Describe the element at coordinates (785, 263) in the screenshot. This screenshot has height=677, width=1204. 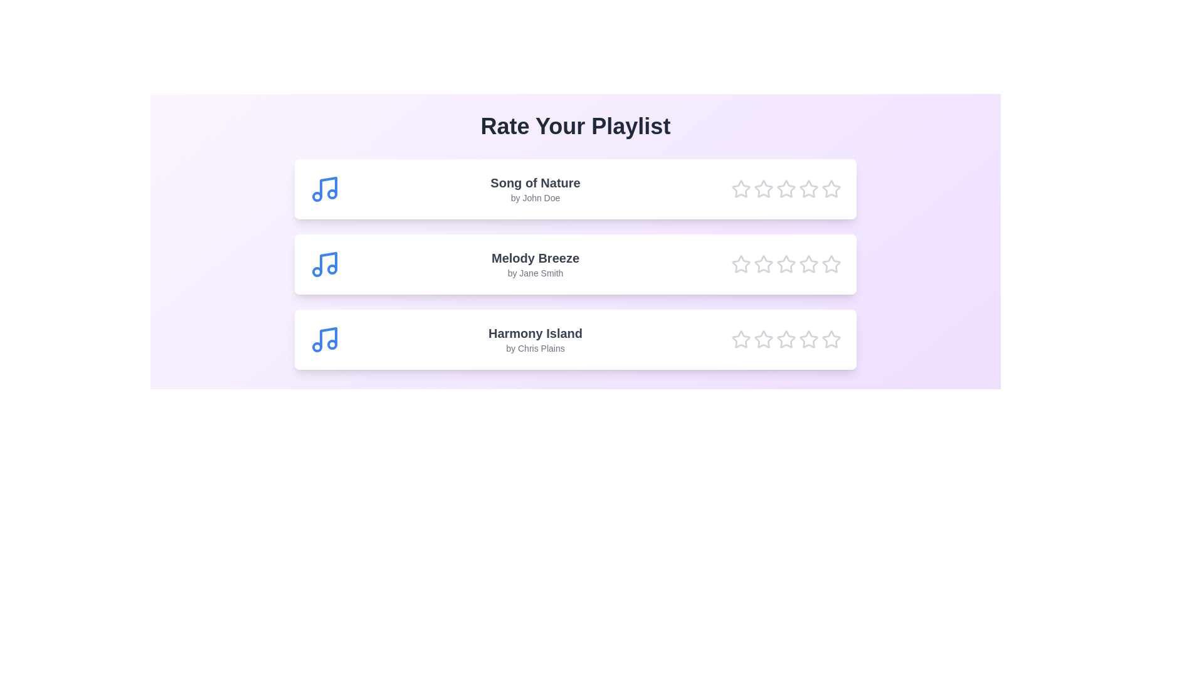
I see `the star corresponding to 3 for the song Melody Breeze` at that location.